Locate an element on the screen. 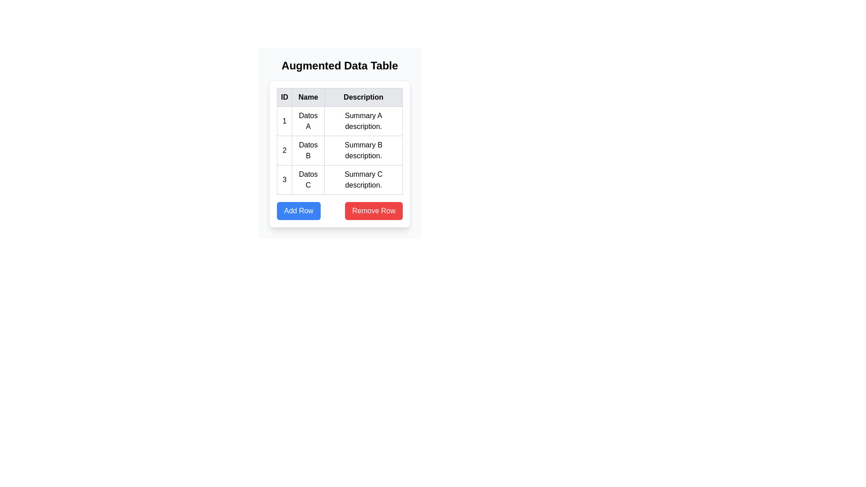  the row corresponding to 2 is located at coordinates (339, 150).